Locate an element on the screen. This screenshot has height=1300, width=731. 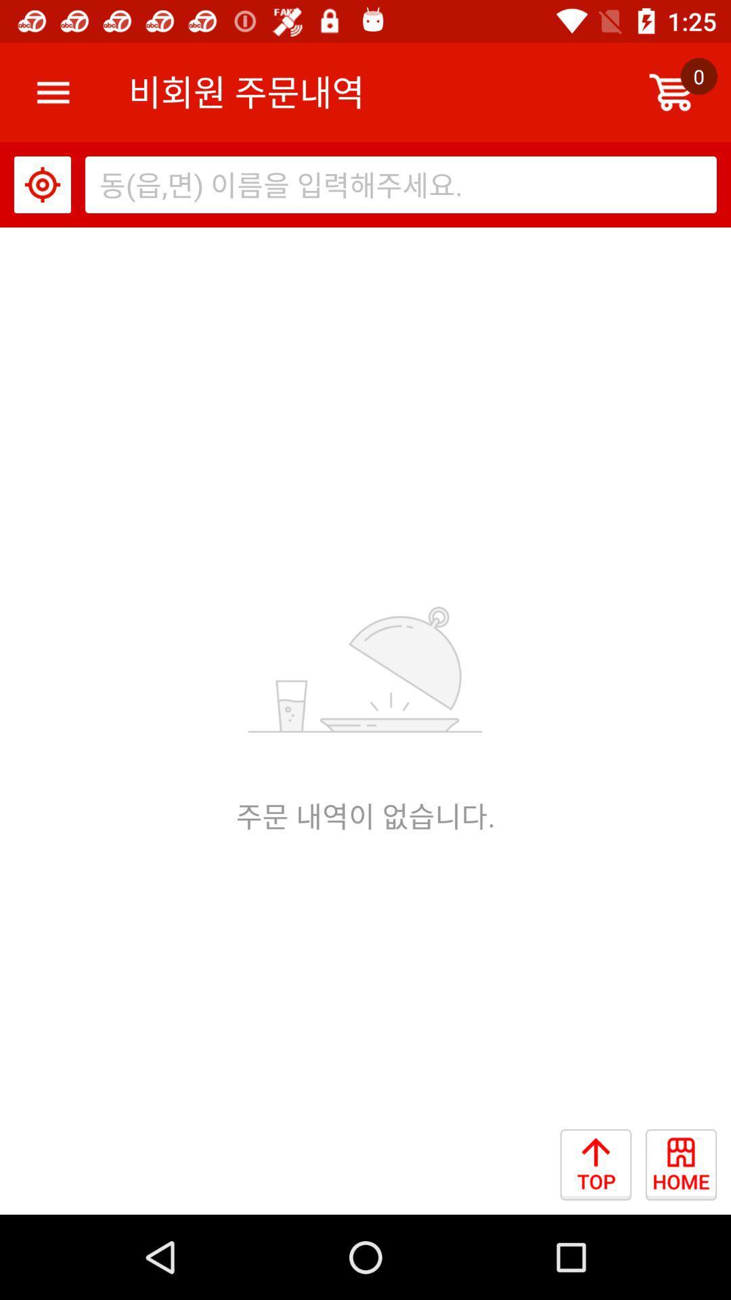
the location_crosshair icon is located at coordinates (41, 184).